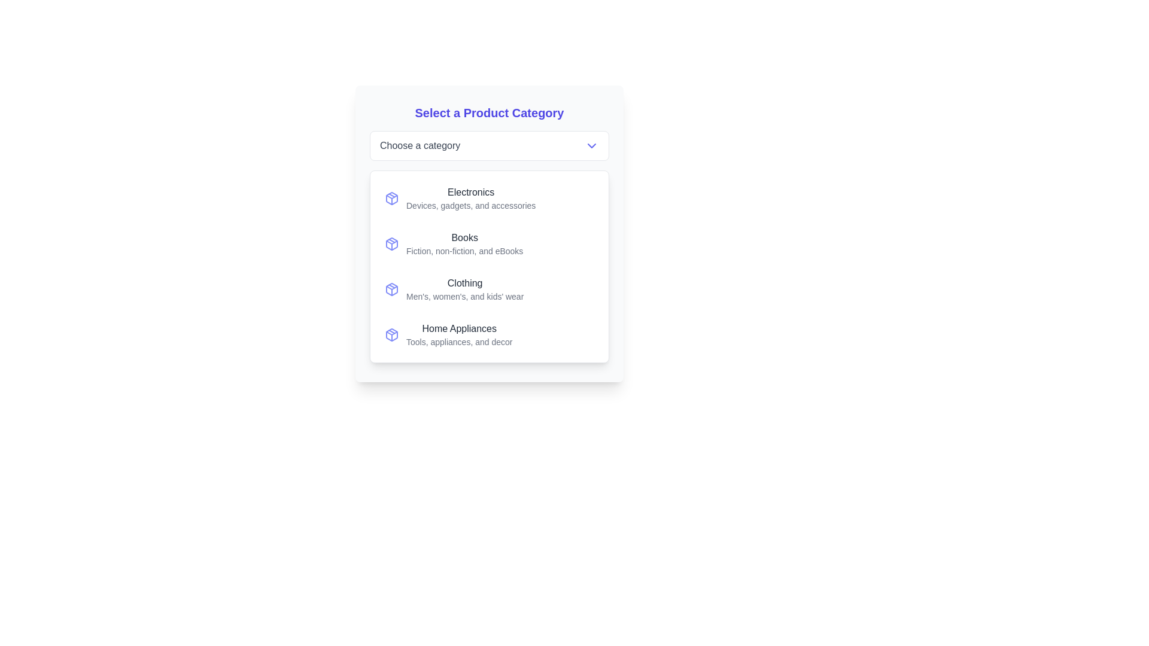 This screenshot has height=646, width=1149. What do you see at coordinates (464, 284) in the screenshot?
I see `the 'Clothing' heading text, which is prominently displayed in bold dark gray within a list of categories` at bounding box center [464, 284].